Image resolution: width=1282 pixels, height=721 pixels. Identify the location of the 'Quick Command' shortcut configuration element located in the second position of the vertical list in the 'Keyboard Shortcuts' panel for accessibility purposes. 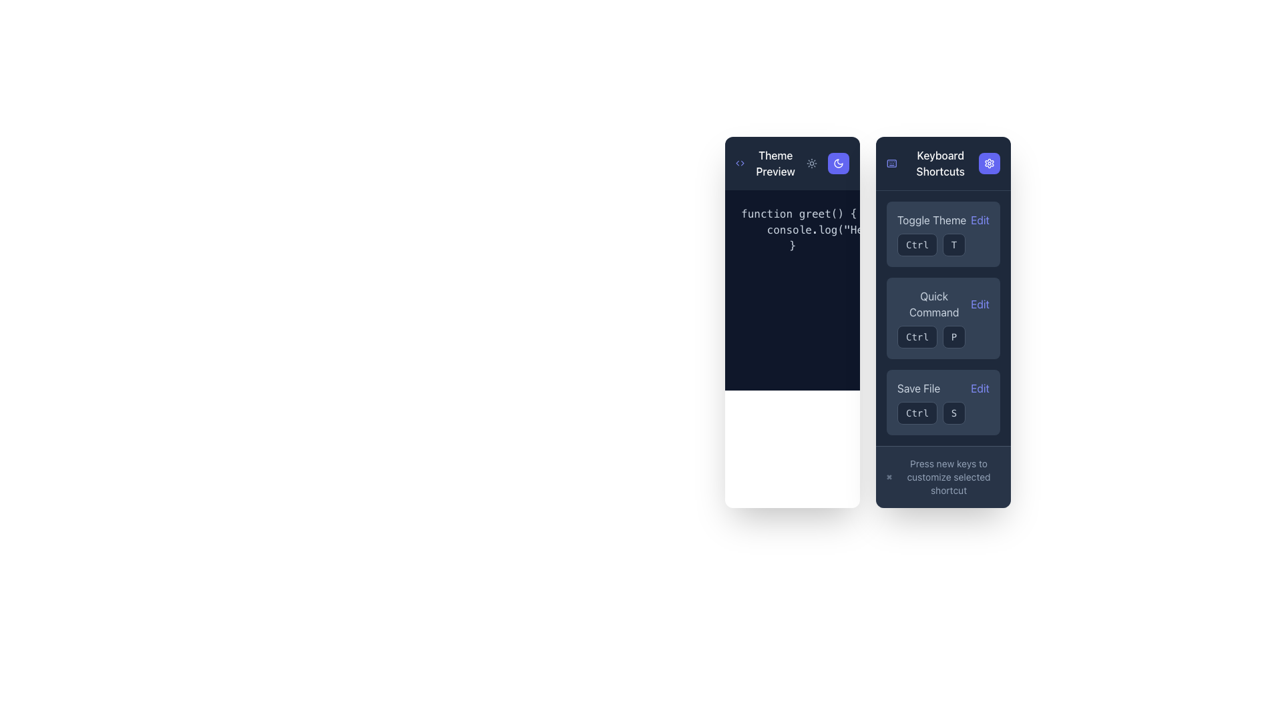
(942, 318).